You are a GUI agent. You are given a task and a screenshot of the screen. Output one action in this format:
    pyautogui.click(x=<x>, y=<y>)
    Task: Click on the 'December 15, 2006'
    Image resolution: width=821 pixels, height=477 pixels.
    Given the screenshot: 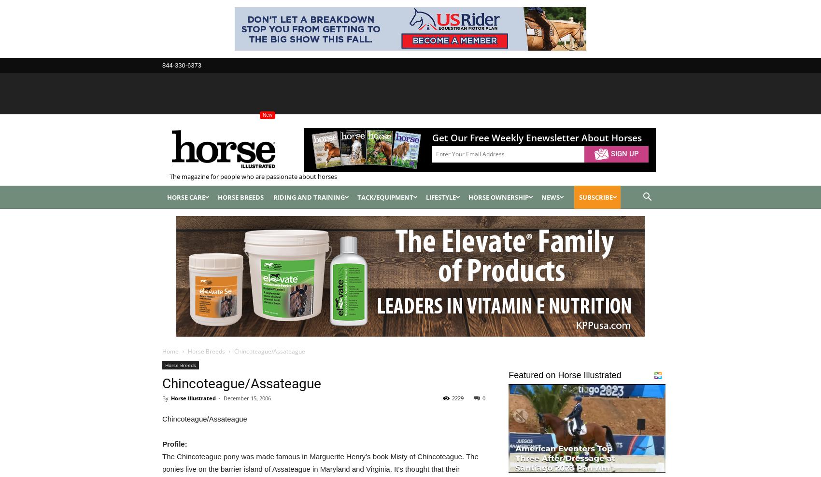 What is the action you would take?
    pyautogui.click(x=247, y=397)
    